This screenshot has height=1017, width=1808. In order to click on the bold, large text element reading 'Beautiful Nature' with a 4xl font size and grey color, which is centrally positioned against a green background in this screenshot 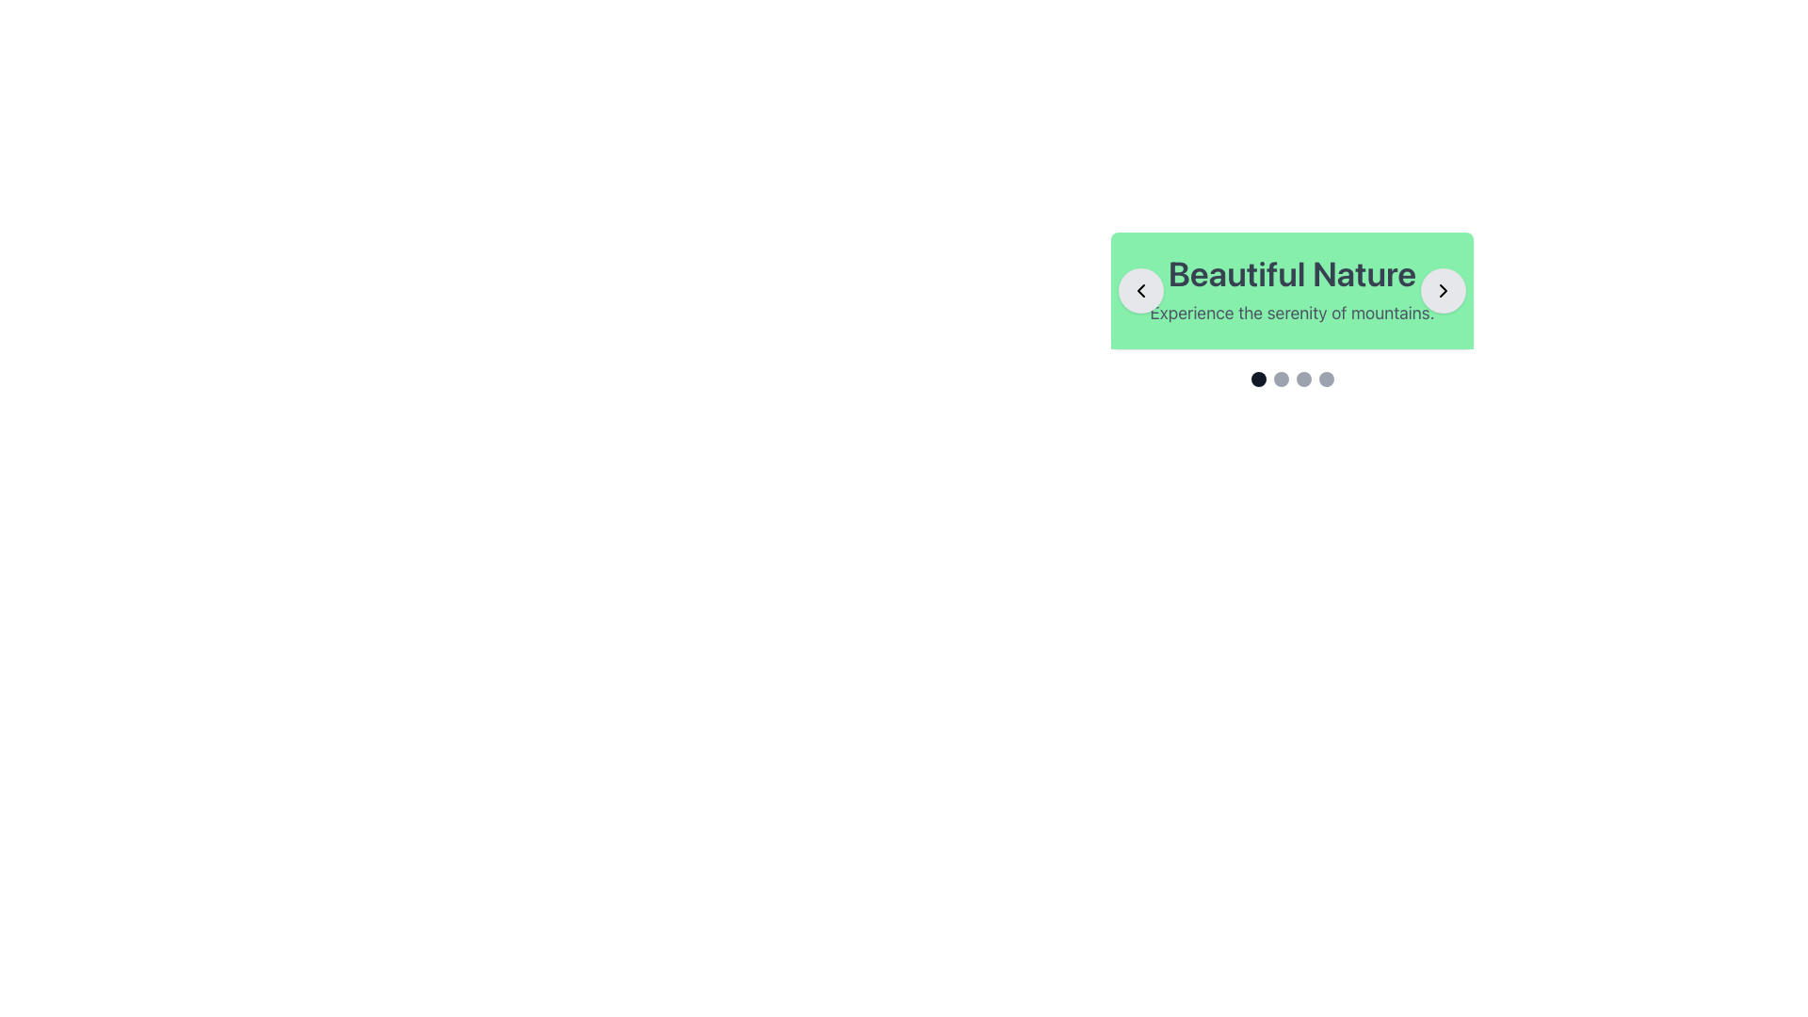, I will do `click(1291, 273)`.